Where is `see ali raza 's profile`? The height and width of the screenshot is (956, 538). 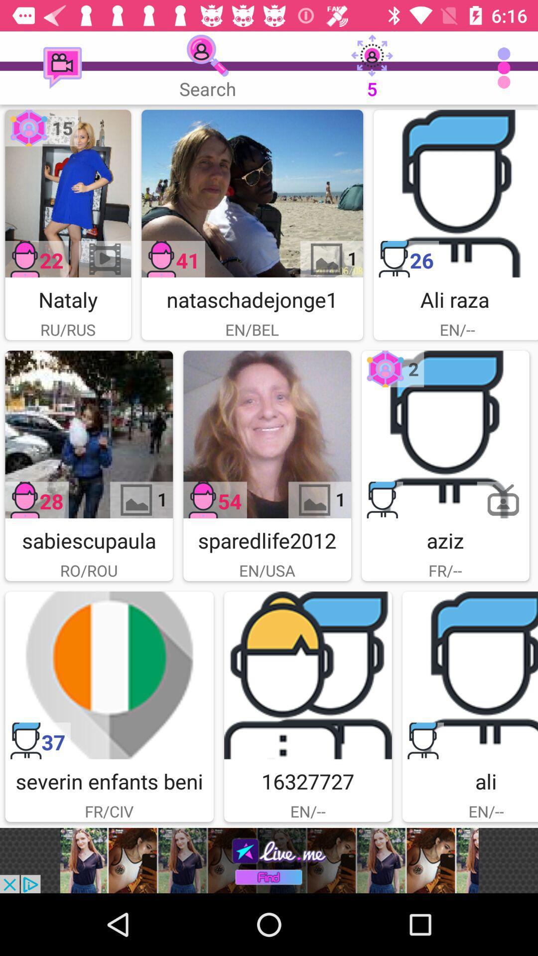
see ali raza 's profile is located at coordinates (455, 193).